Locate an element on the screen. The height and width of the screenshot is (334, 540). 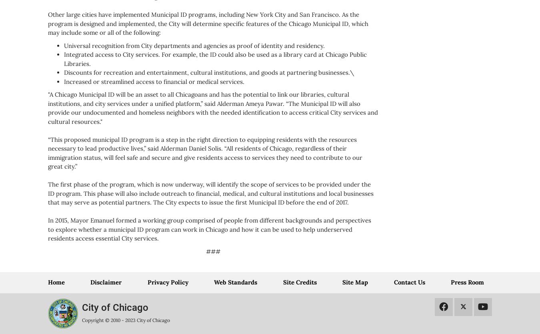
'Copyright © 2010 - 2023 City of Chicago' is located at coordinates (125, 320).